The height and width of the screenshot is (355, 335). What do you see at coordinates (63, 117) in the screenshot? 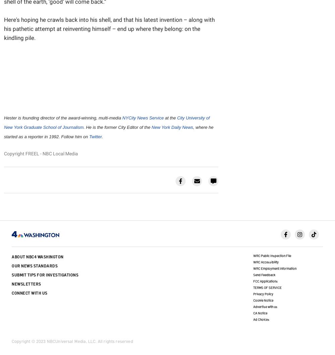
I see `'Hester is founding director of the award-winning, multi-media'` at bounding box center [63, 117].